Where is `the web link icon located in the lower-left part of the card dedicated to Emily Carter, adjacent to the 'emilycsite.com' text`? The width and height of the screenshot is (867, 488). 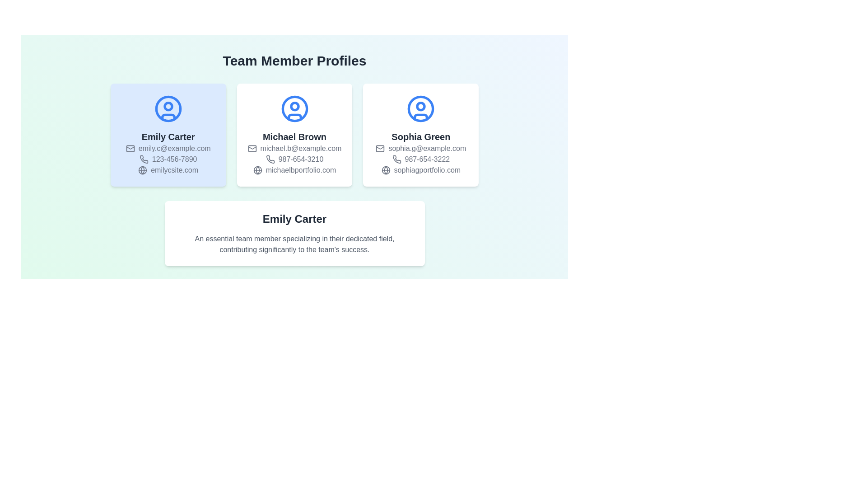
the web link icon located in the lower-left part of the card dedicated to Emily Carter, adjacent to the 'emilycsite.com' text is located at coordinates (142, 170).